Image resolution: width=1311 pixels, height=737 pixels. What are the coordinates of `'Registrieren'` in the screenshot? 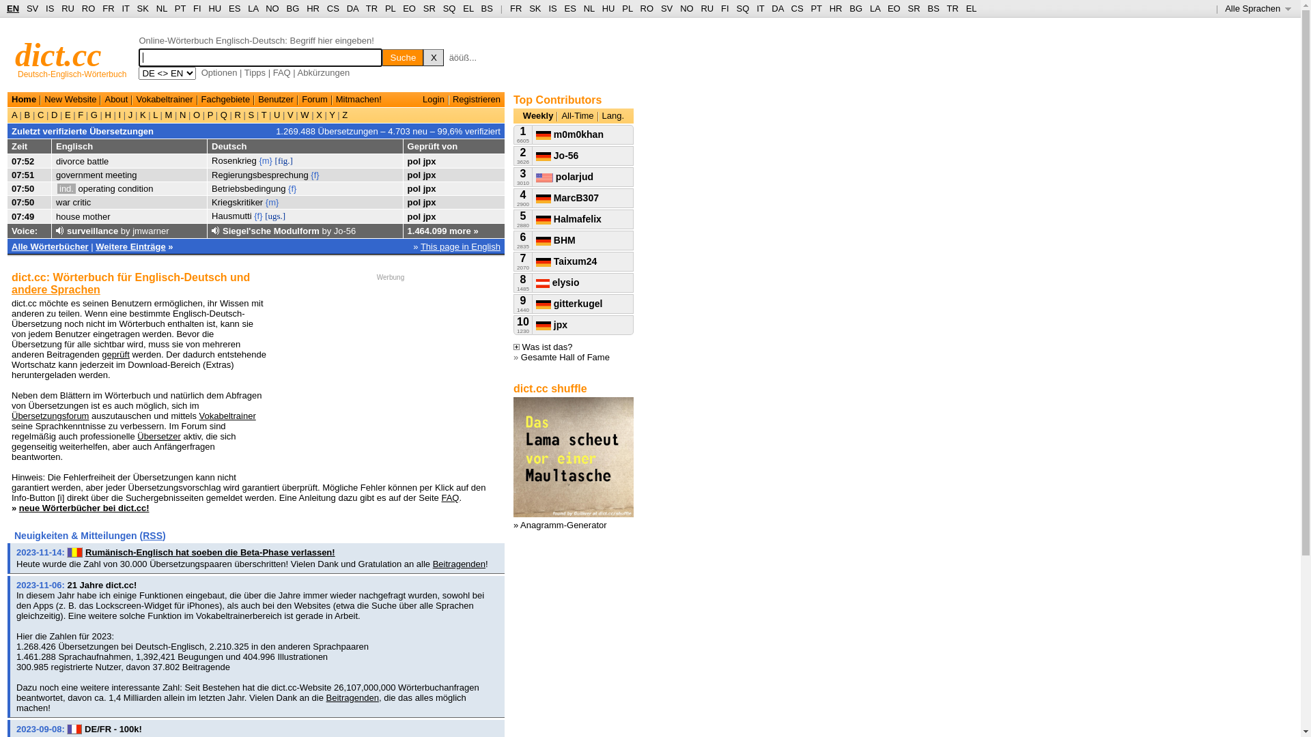 It's located at (452, 98).